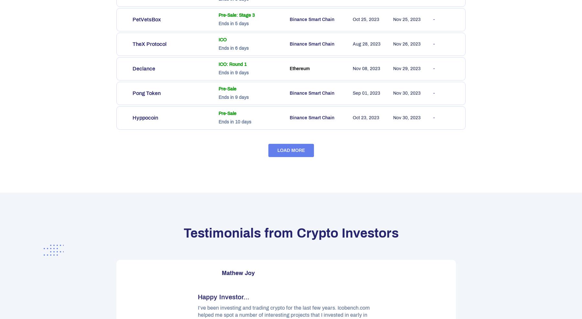  I want to click on 'Declance', so click(144, 68).